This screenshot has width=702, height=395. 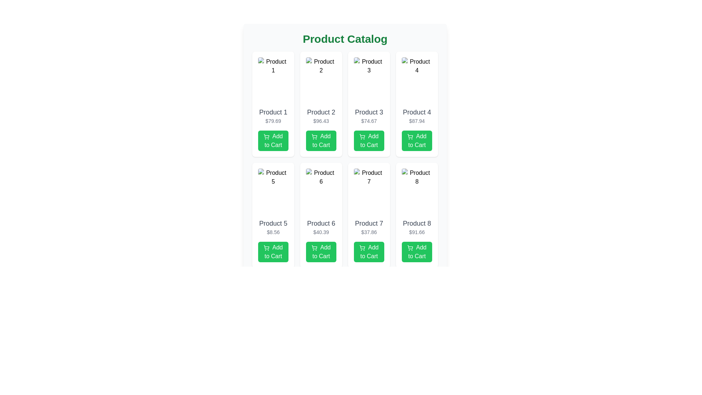 I want to click on the button located in the fourth row of the grid under 'Product 5' priced at $8.56, so click(x=273, y=252).